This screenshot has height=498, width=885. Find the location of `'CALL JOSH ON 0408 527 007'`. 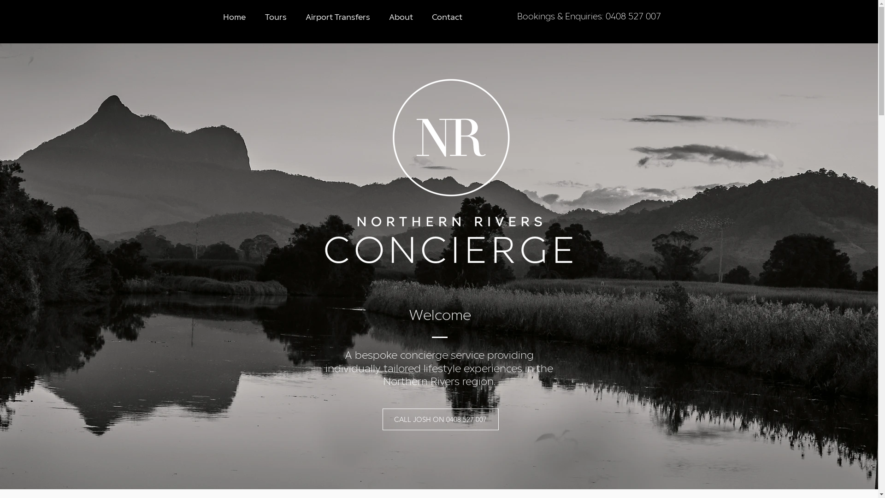

'CALL JOSH ON 0408 527 007' is located at coordinates (383, 419).